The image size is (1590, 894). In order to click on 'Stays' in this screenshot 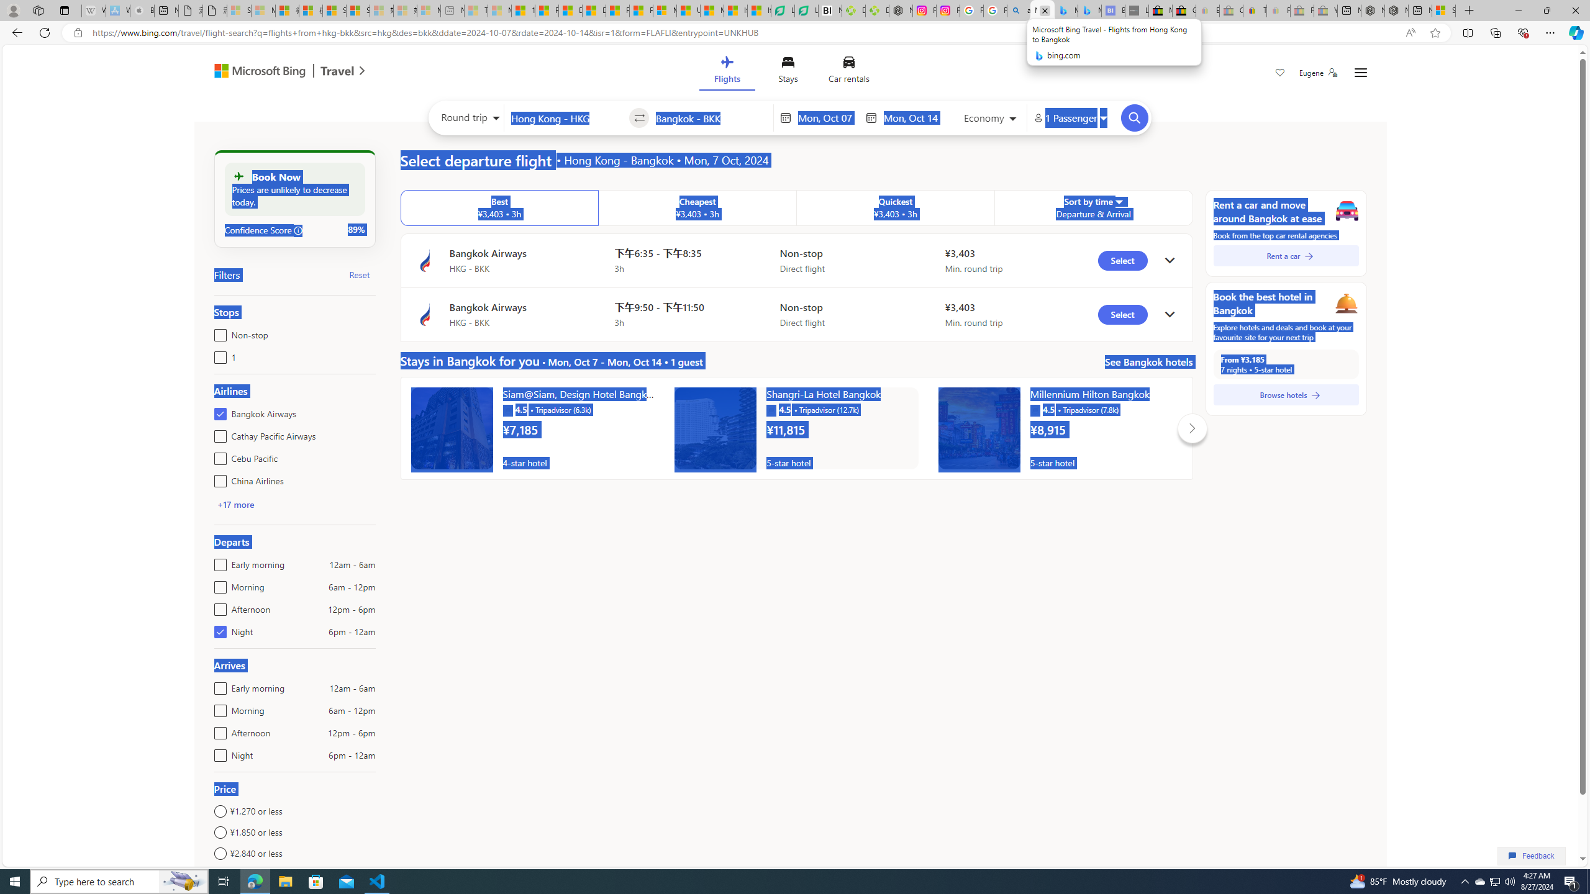, I will do `click(787, 71)`.